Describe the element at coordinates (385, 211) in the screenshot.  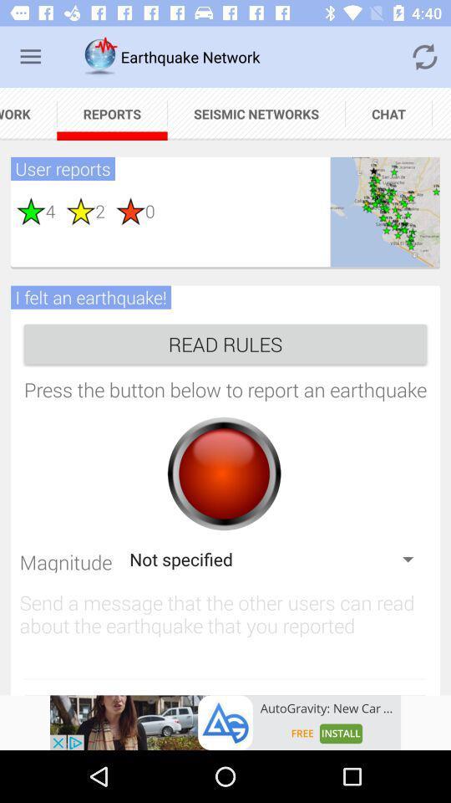
I see `the image which is below the chat to the top right corner` at that location.